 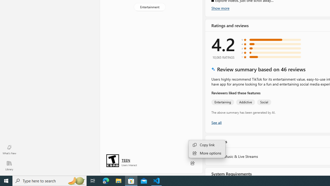 I want to click on 'Show more', so click(x=220, y=8).